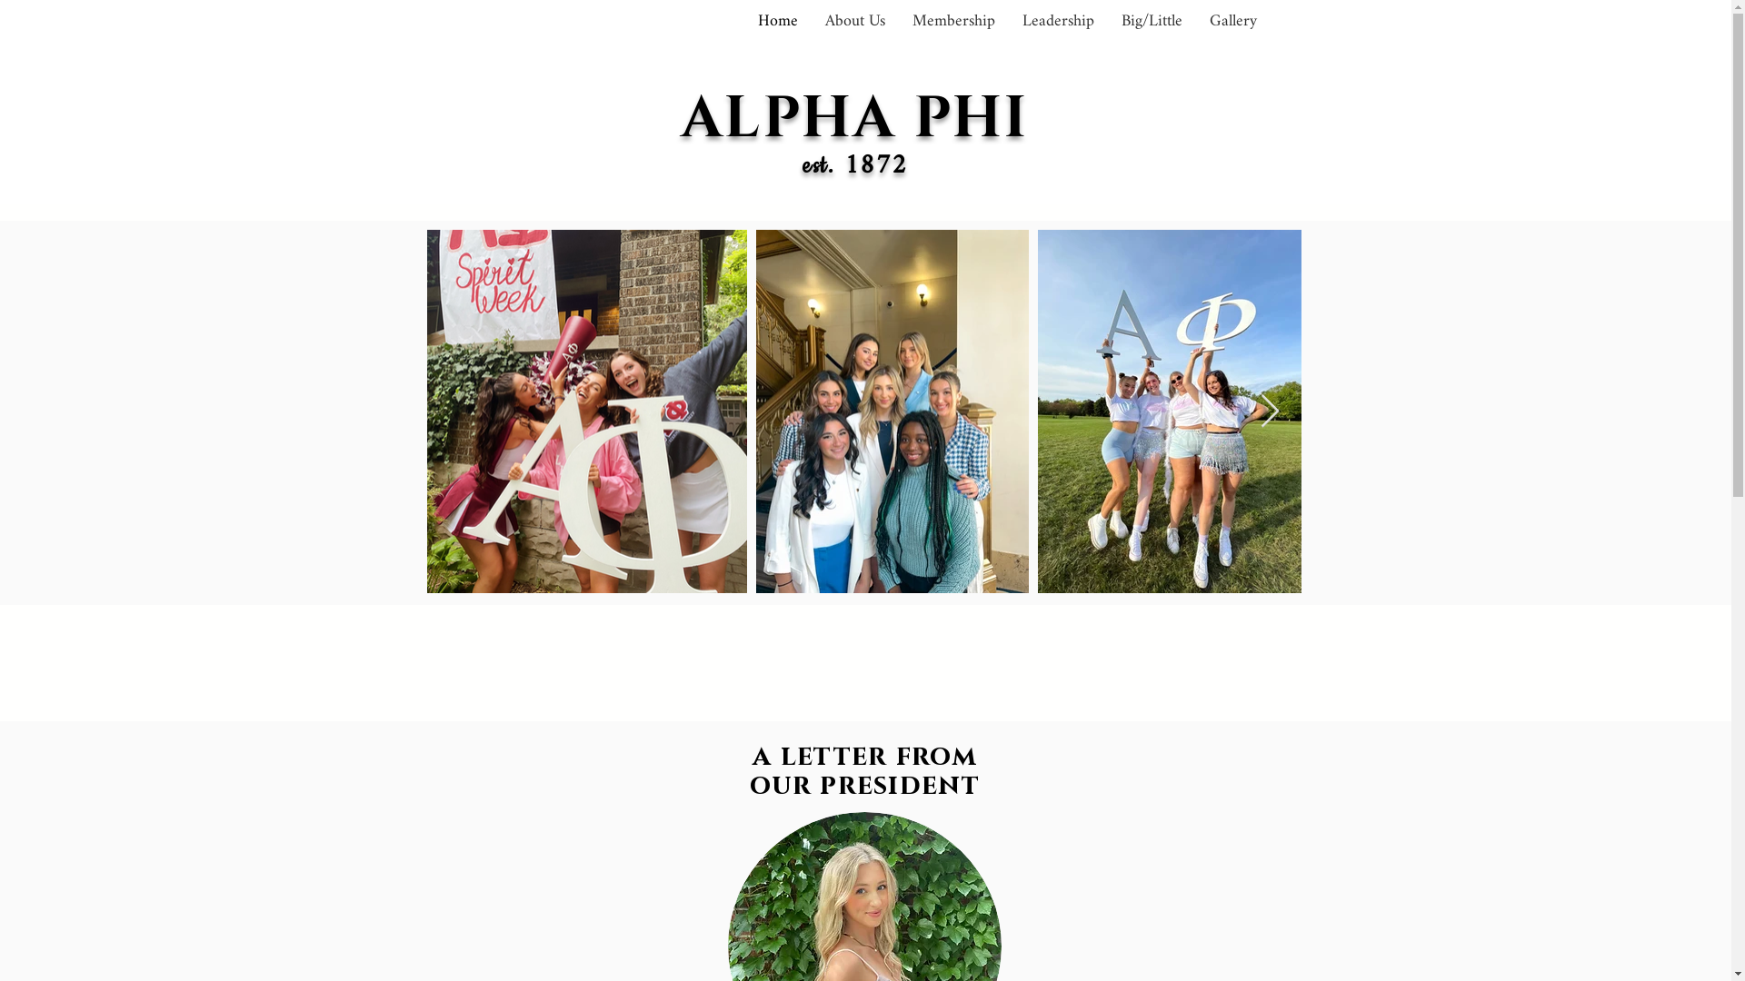 This screenshot has height=981, width=1745. What do you see at coordinates (853, 21) in the screenshot?
I see `'About Us'` at bounding box center [853, 21].